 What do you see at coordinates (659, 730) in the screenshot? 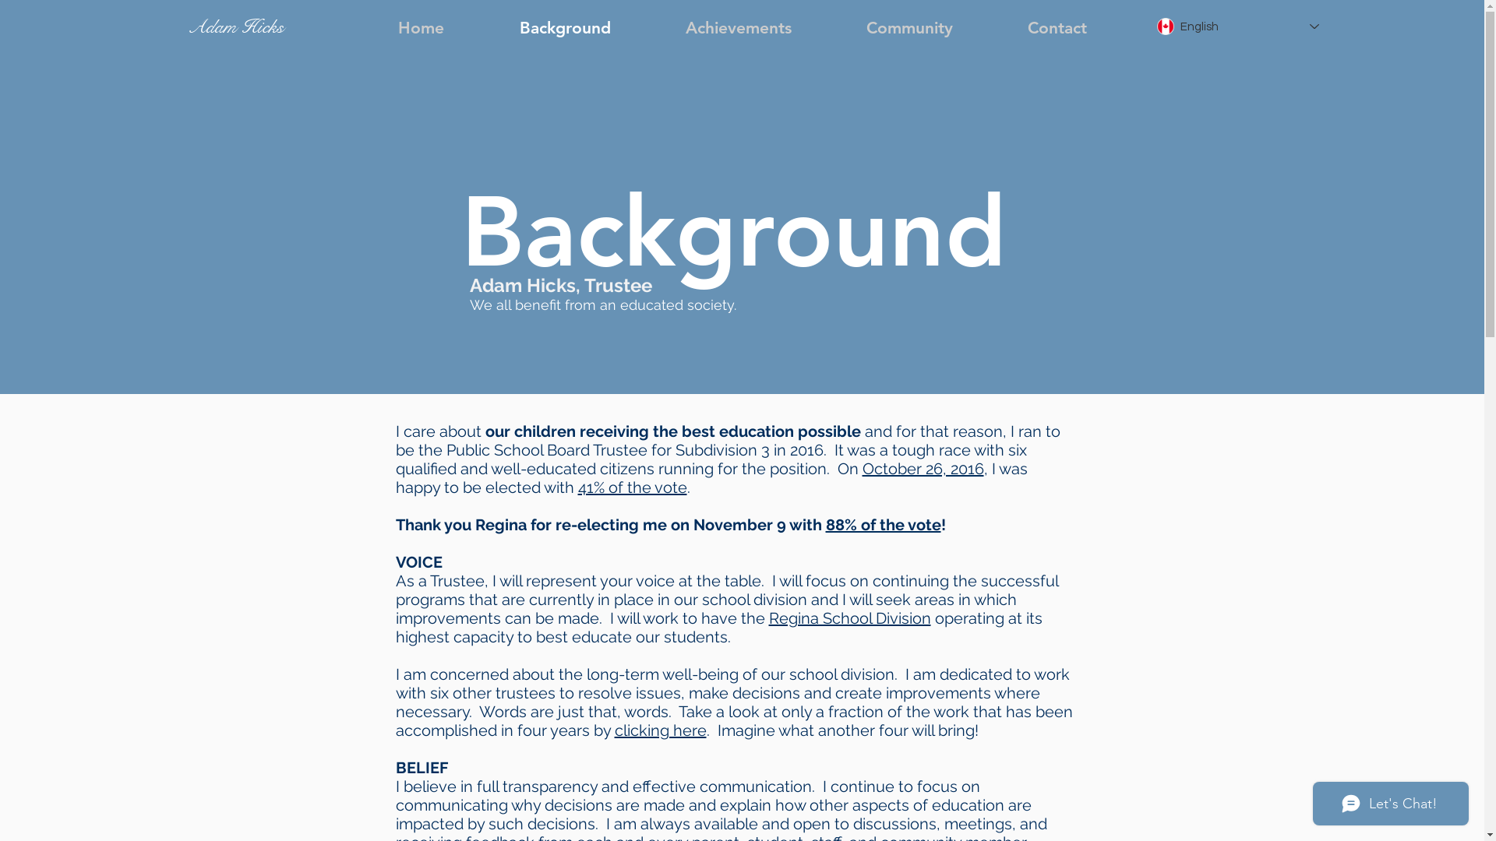
I see `'clicking here'` at bounding box center [659, 730].